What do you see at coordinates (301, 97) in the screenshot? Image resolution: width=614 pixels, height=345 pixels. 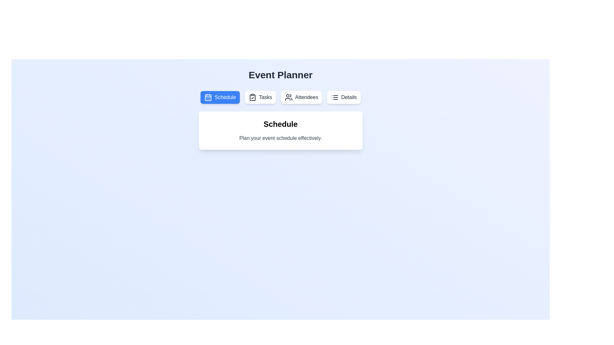 I see `the tab button labeled 'Attendees' to switch to the respective tab` at bounding box center [301, 97].